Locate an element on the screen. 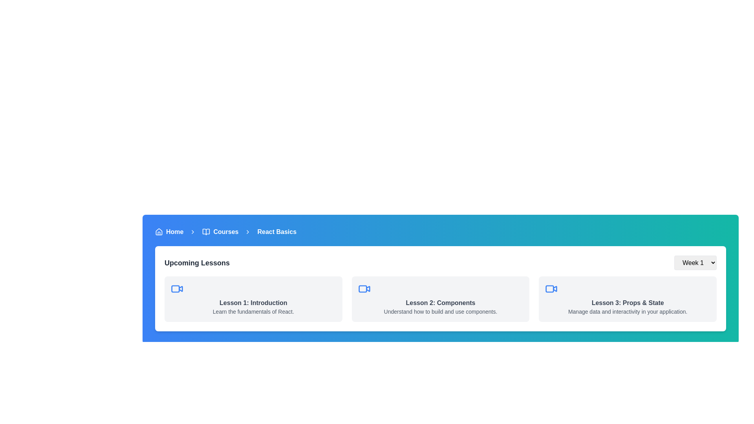 This screenshot has width=754, height=424. the 'Courses' breadcrumb navigation link, which is the second item in the breadcrumb navigation bar is located at coordinates (220, 231).